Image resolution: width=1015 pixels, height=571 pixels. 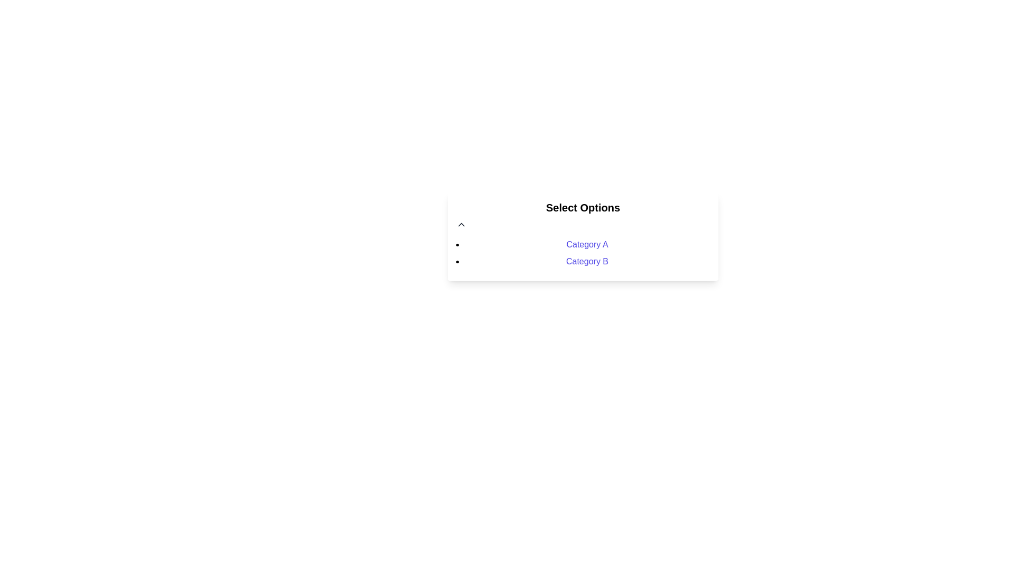 I want to click on the hyperlinked text for 'Category B' in the vertical list under 'Select Options', so click(x=586, y=261).